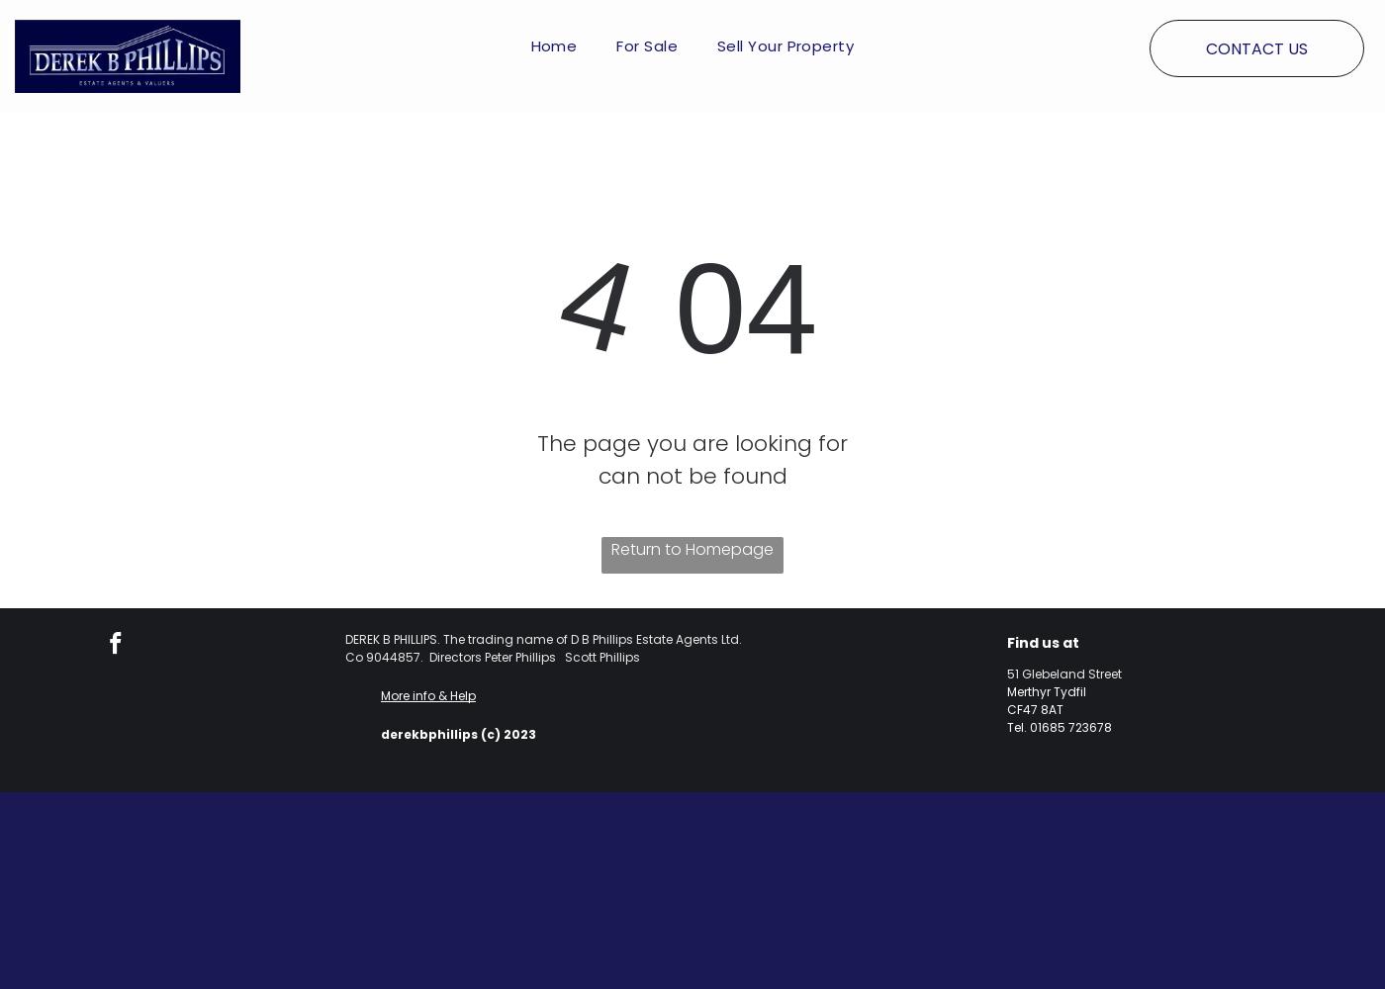 The width and height of the screenshot is (1385, 989). I want to click on 'can not be found', so click(692, 475).